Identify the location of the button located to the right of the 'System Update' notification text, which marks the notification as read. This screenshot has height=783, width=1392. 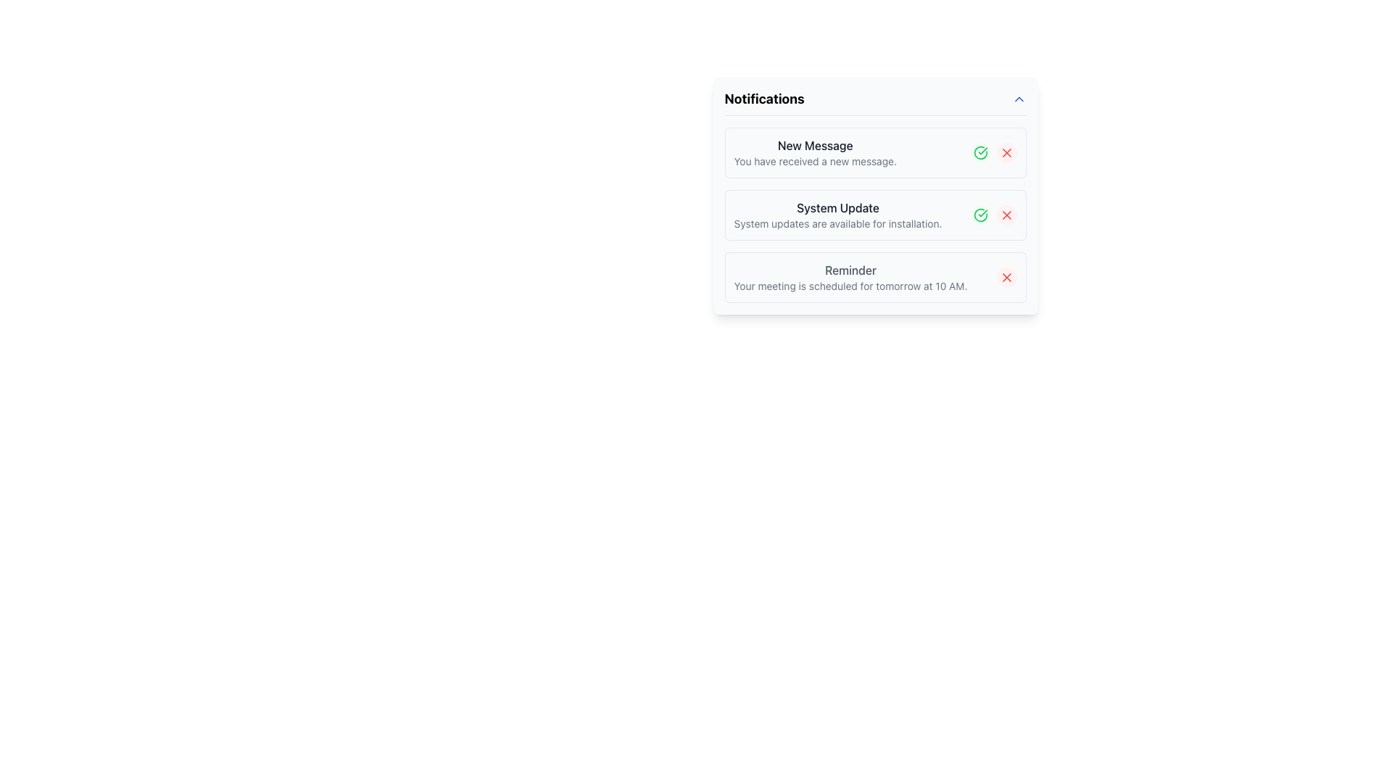
(980, 215).